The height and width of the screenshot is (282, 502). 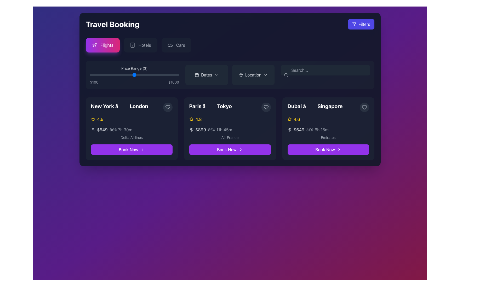 What do you see at coordinates (253, 75) in the screenshot?
I see `the 'Location' button, which is the second button from the left in a horizontal layout` at bounding box center [253, 75].